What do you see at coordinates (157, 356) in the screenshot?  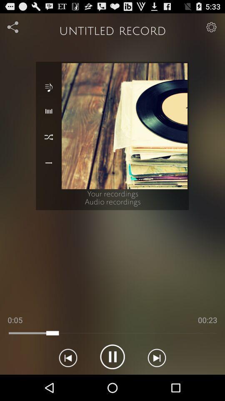 I see `next icon right to pause option` at bounding box center [157, 356].